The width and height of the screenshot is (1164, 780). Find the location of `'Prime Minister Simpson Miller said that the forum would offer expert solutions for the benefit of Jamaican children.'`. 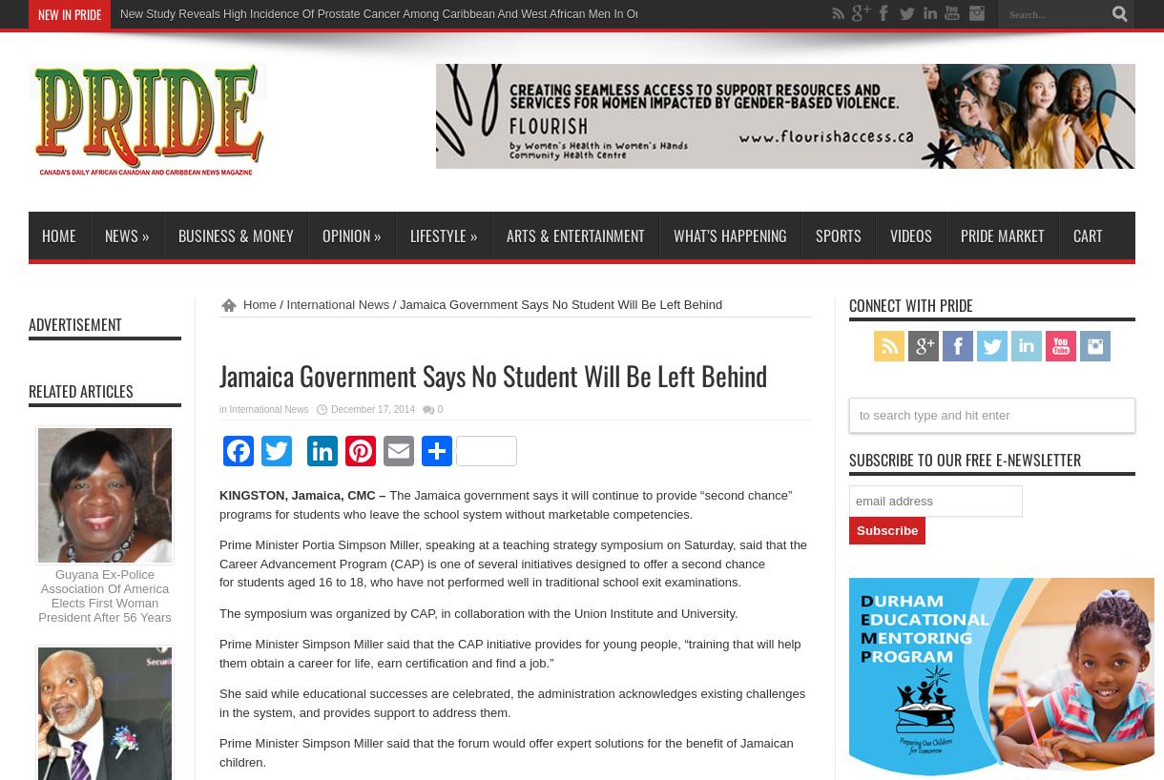

'Prime Minister Simpson Miller said that the forum would offer expert solutions for the benefit of Jamaican children.' is located at coordinates (506, 751).